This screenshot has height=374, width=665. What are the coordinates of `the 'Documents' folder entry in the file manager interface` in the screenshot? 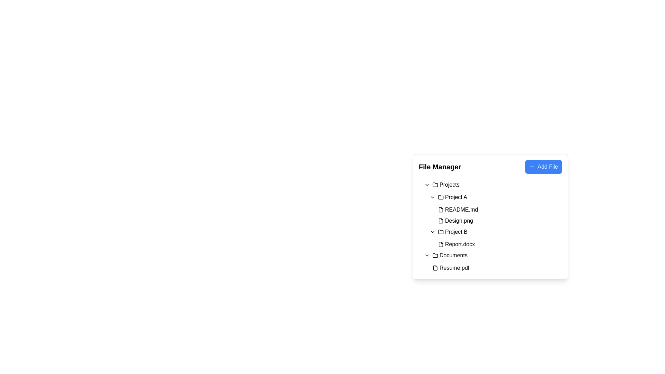 It's located at (450, 255).